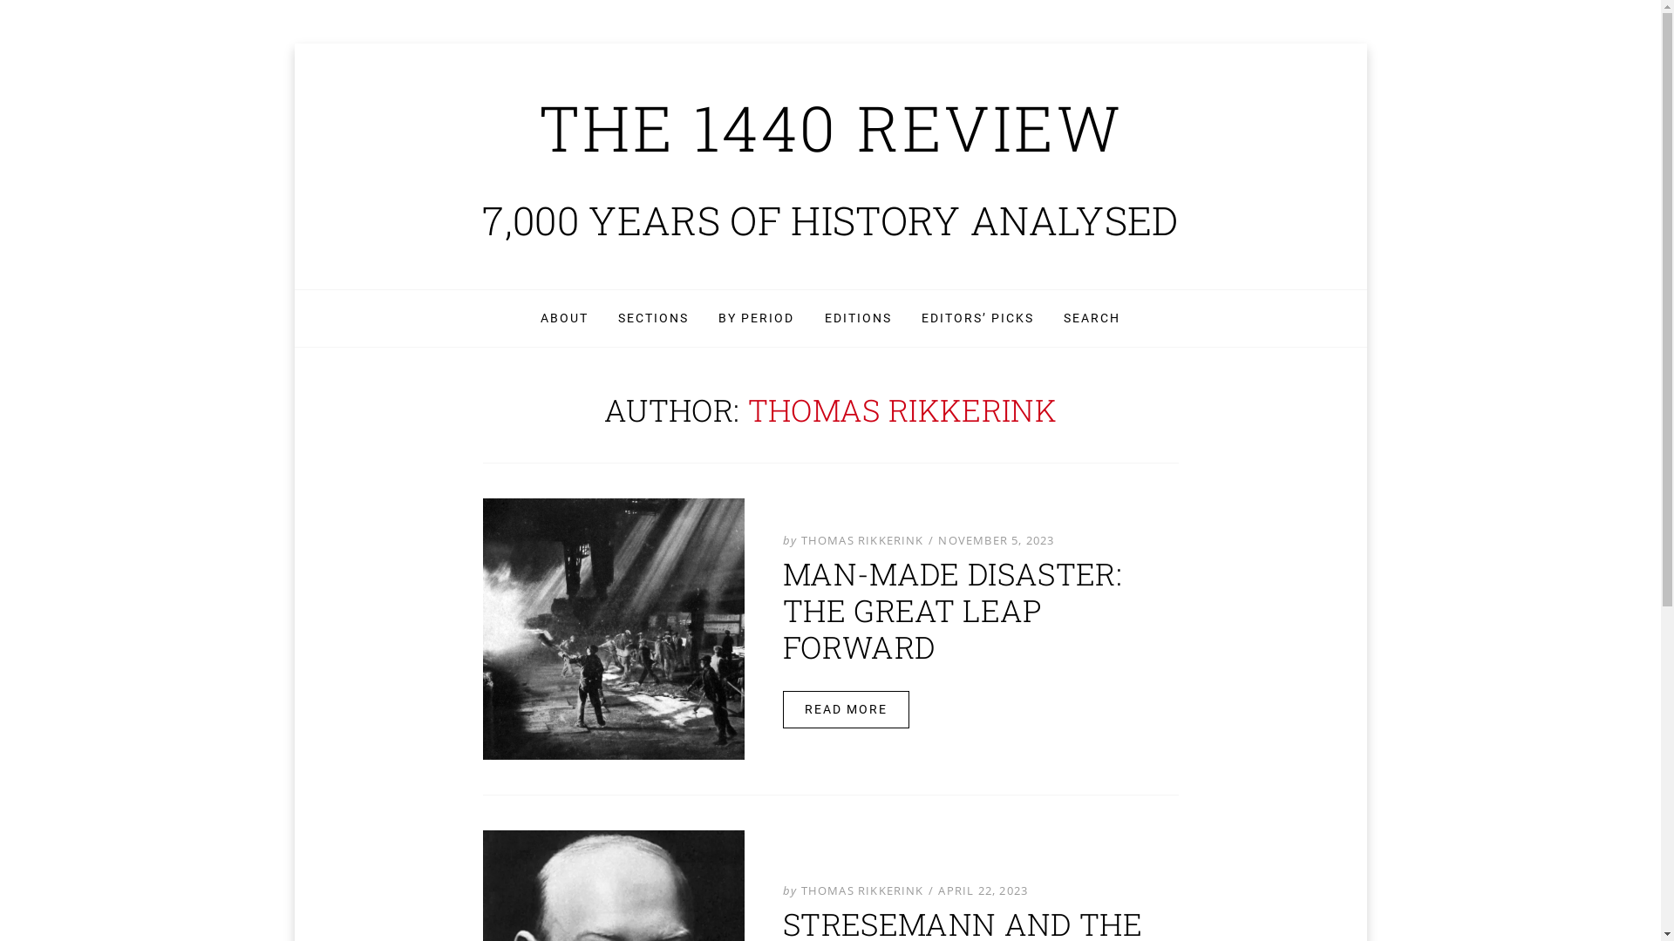  What do you see at coordinates (781, 709) in the screenshot?
I see `'READ MORE'` at bounding box center [781, 709].